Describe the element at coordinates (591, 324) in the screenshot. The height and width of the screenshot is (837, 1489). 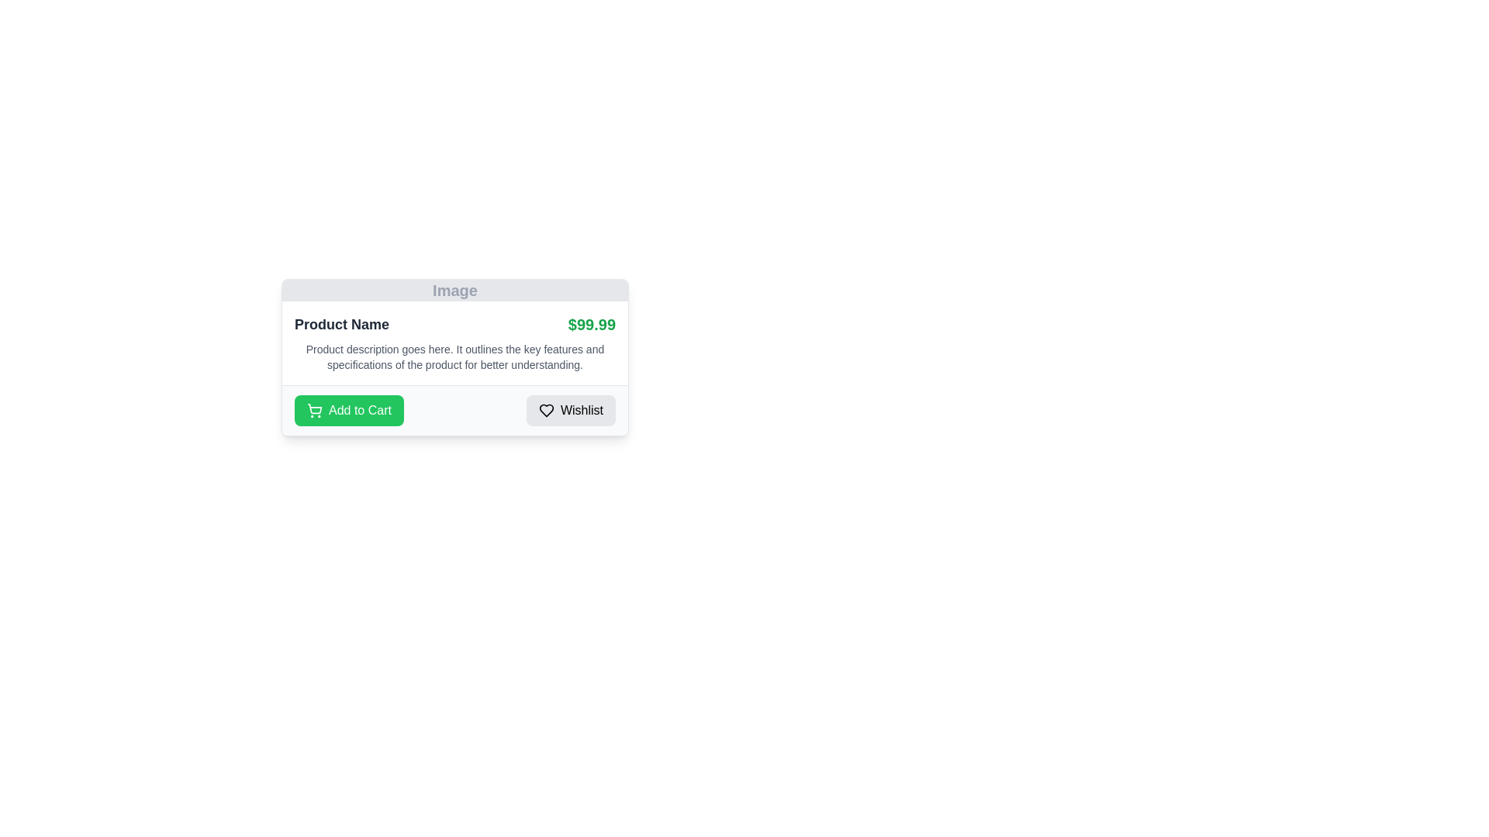
I see `text field displaying the price '$99.99' in green color, which is prominently styled with a larger font size and bold weight, located on the right side of the product name` at that location.